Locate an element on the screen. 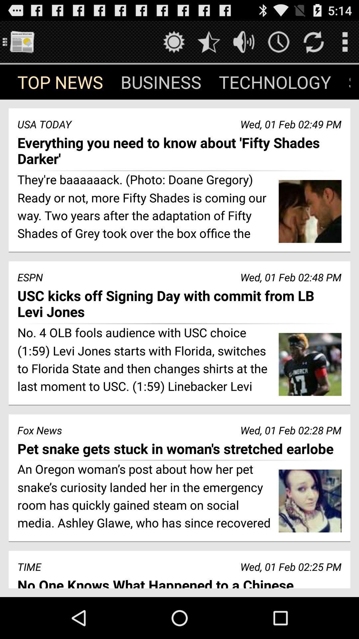 The image size is (359, 639). the time icon is located at coordinates (279, 44).